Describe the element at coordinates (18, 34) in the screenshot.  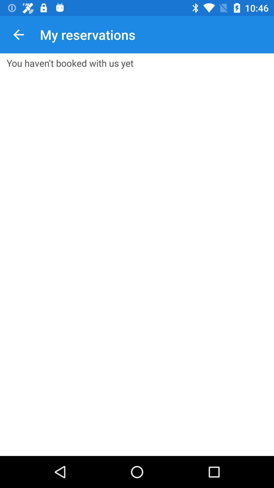
I see `the item above the you haven t item` at that location.